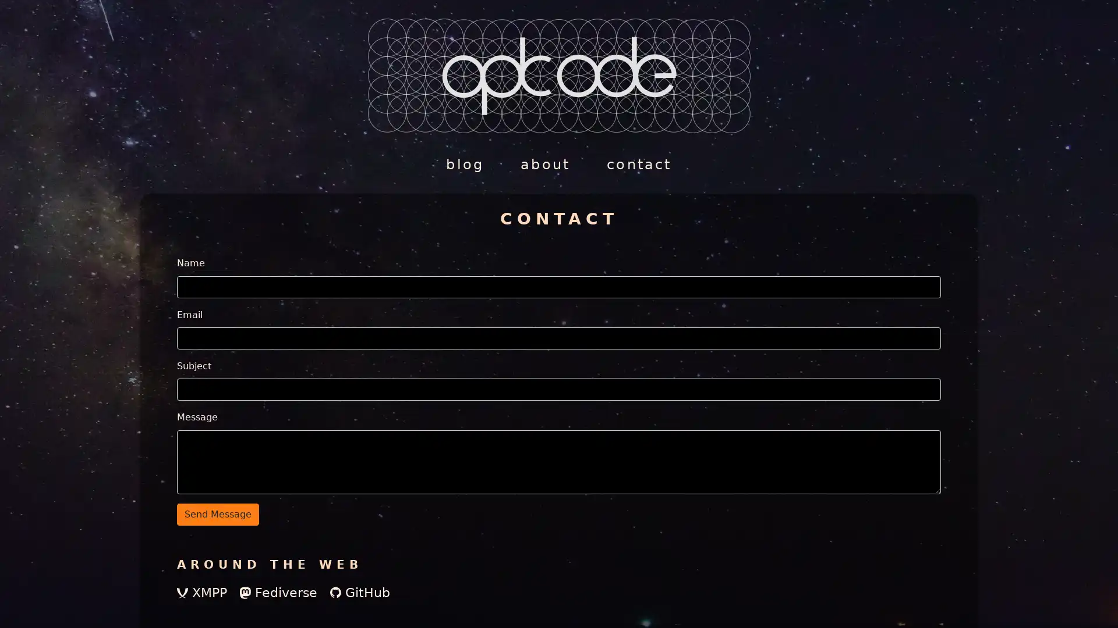  I want to click on Send Message, so click(218, 513).